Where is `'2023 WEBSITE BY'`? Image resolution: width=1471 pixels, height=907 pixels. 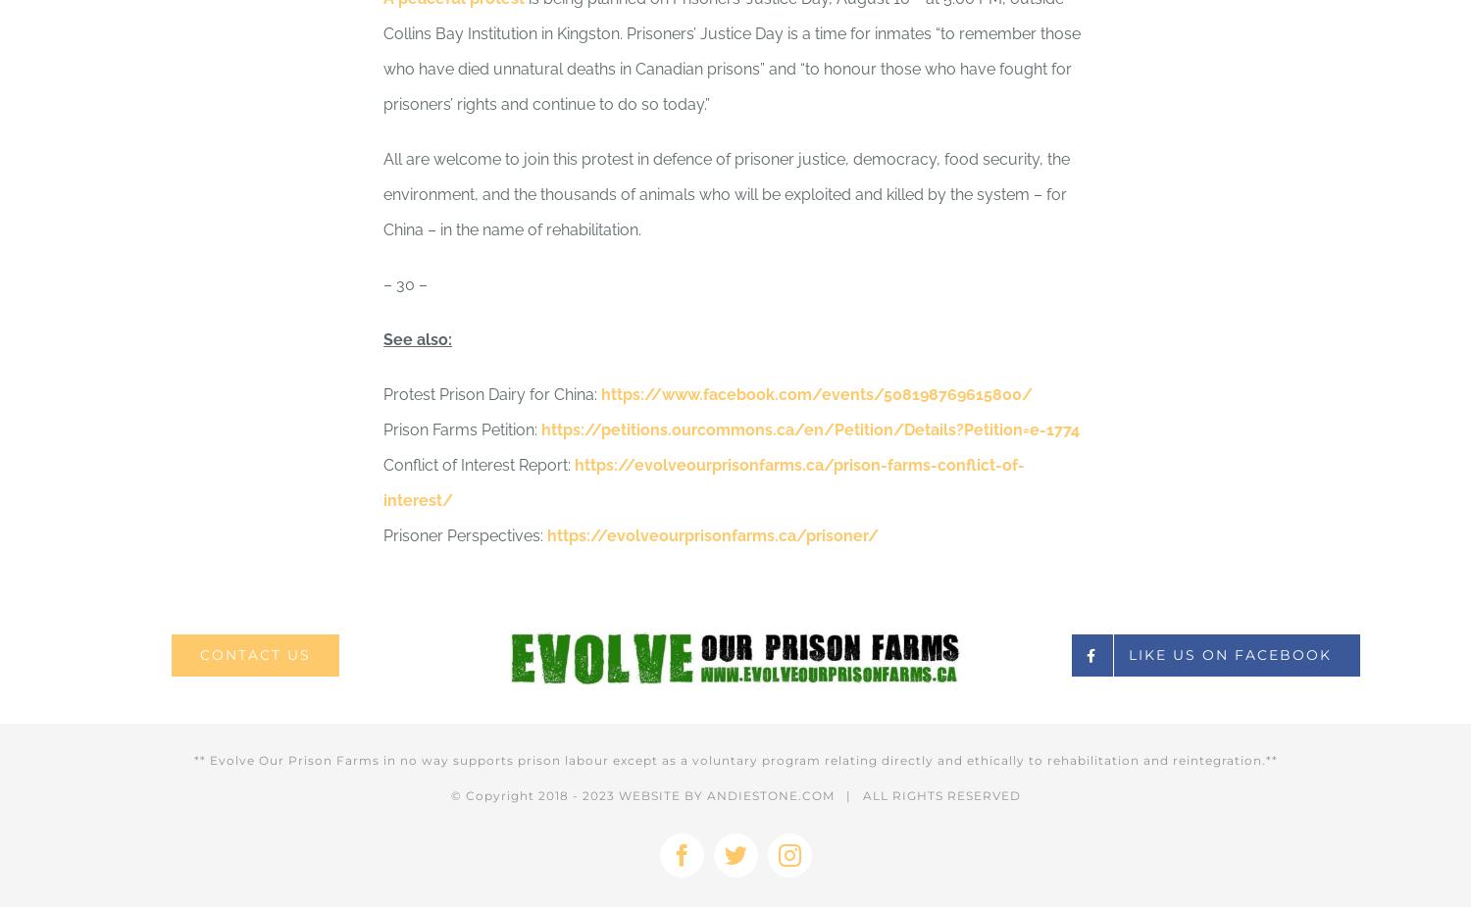 '2023 WEBSITE BY' is located at coordinates (643, 794).